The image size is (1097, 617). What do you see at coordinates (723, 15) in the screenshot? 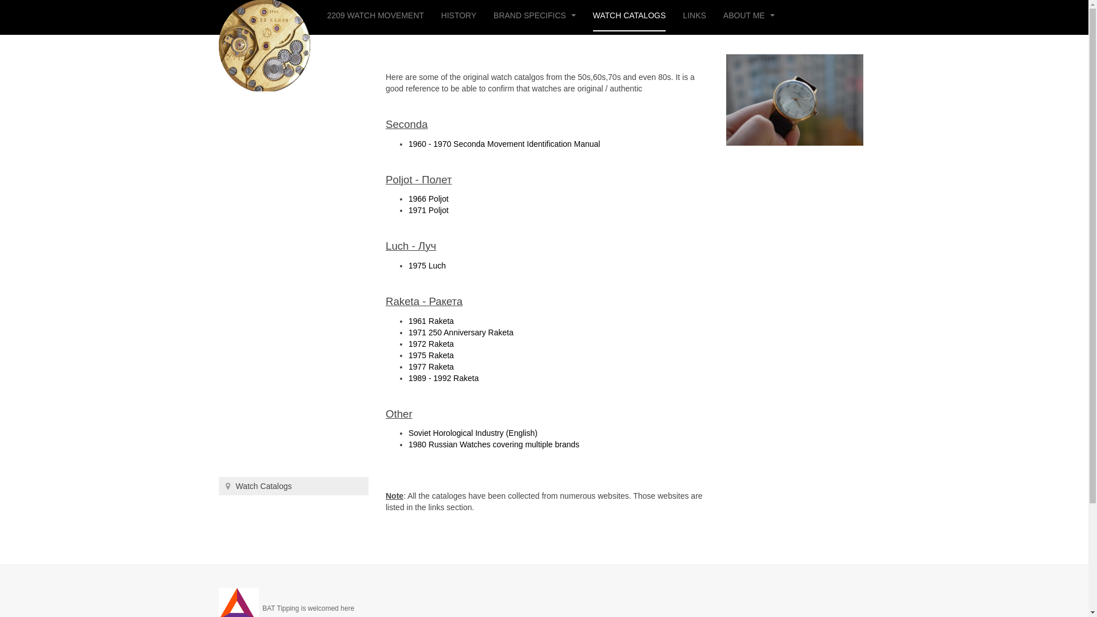
I see `'ABOUT ME'` at bounding box center [723, 15].